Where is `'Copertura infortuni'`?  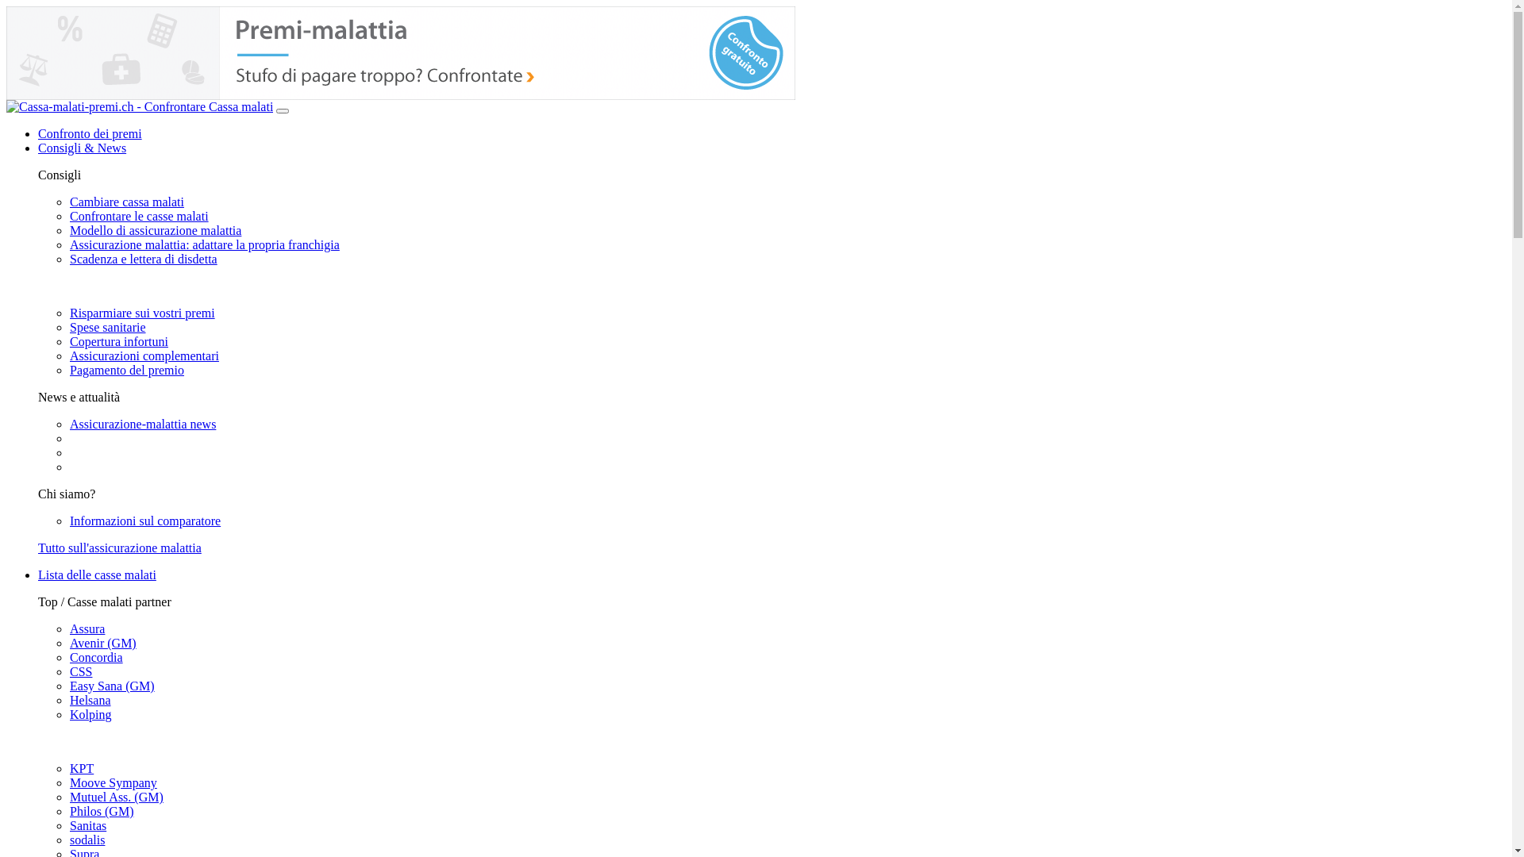
'Copertura infortuni' is located at coordinates (117, 340).